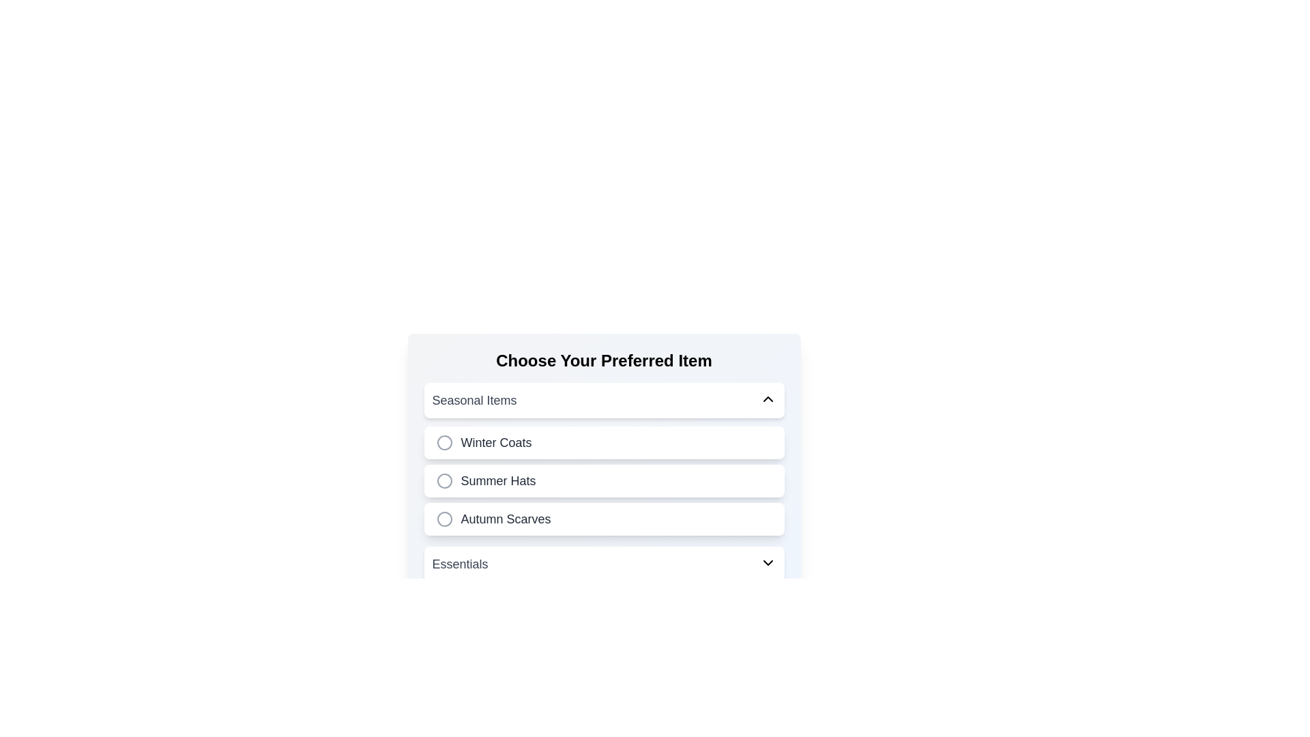 The width and height of the screenshot is (1310, 737). Describe the element at coordinates (603, 519) in the screenshot. I see `the radio button labeled 'Autumn Scarves'` at that location.